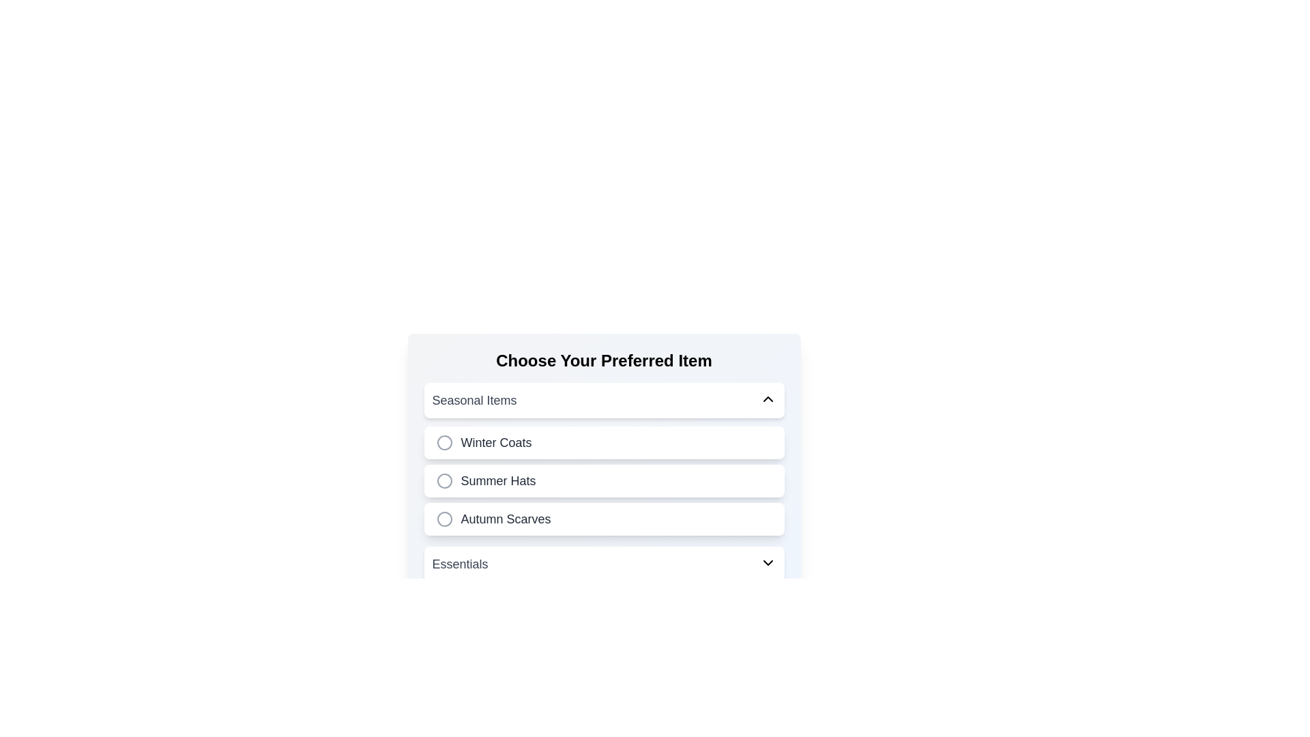 The width and height of the screenshot is (1310, 737). Describe the element at coordinates (603, 519) in the screenshot. I see `the radio button labeled 'Autumn Scarves'` at that location.